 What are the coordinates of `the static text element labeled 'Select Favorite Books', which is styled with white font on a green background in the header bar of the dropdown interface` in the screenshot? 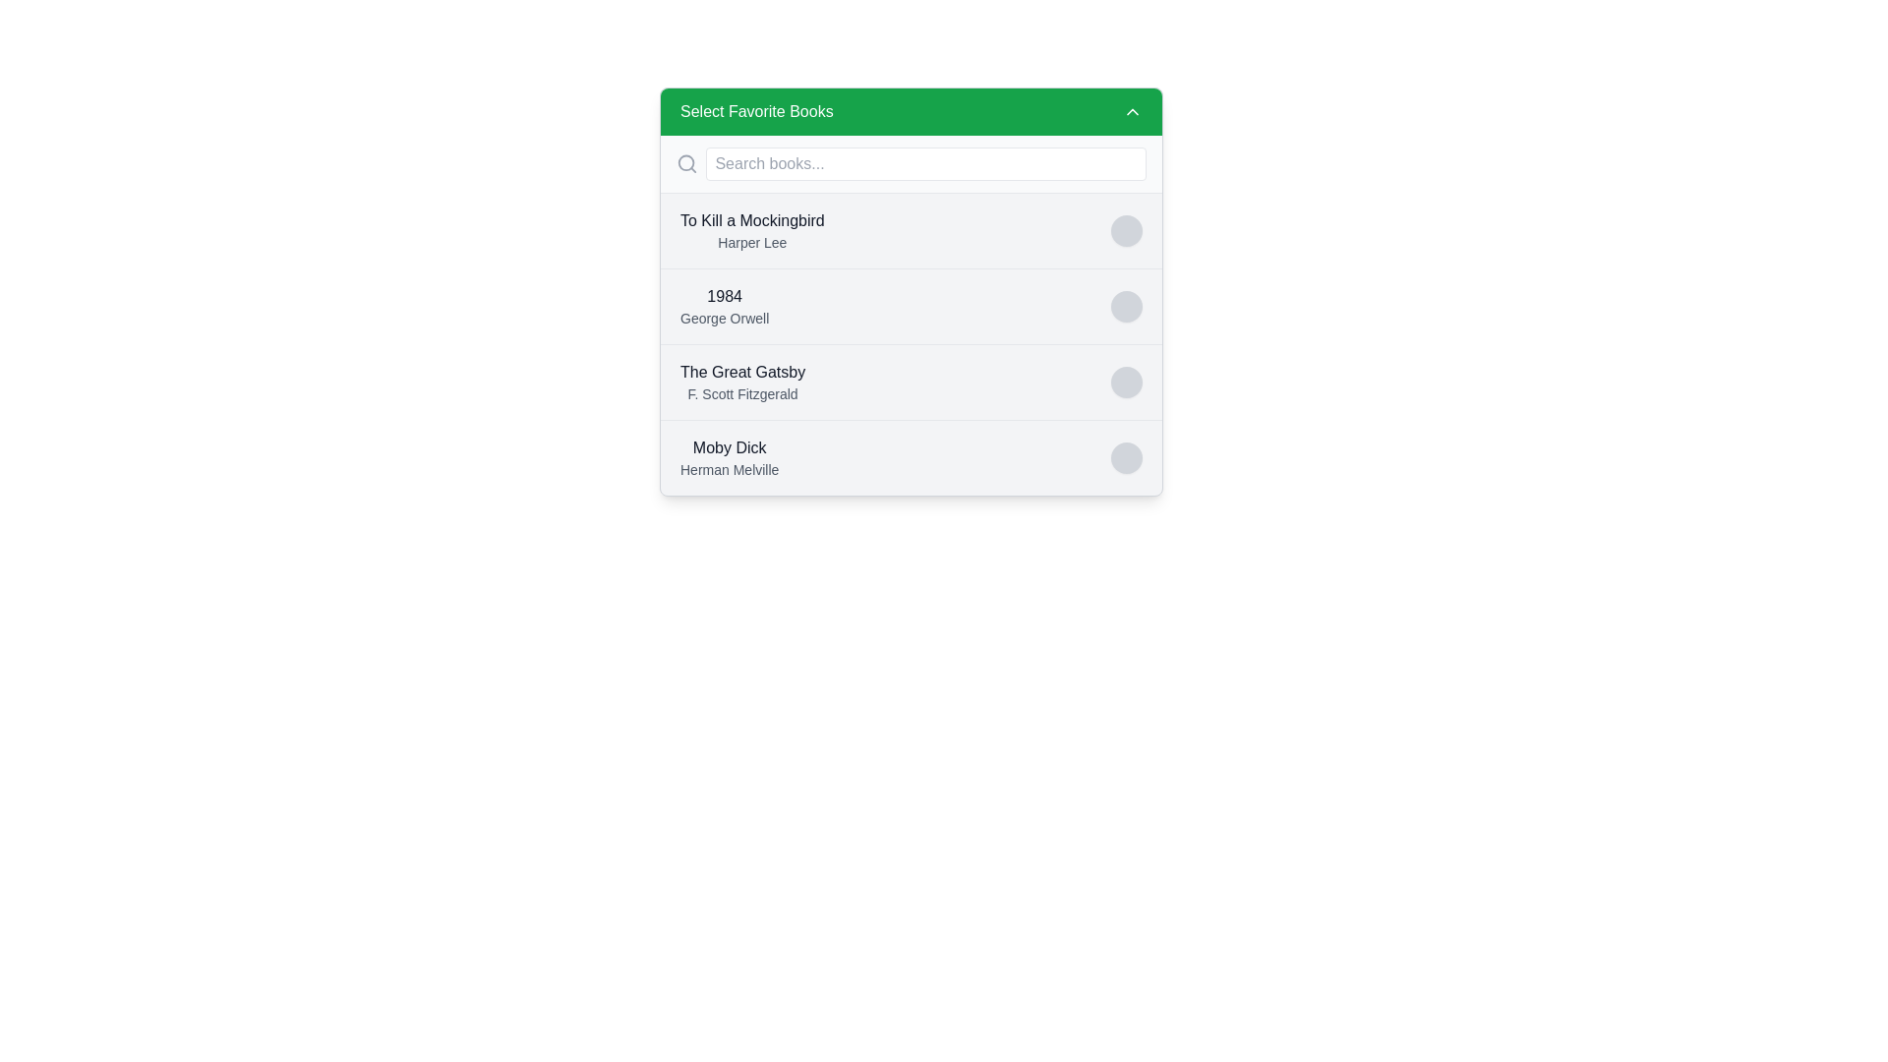 It's located at (755, 112).